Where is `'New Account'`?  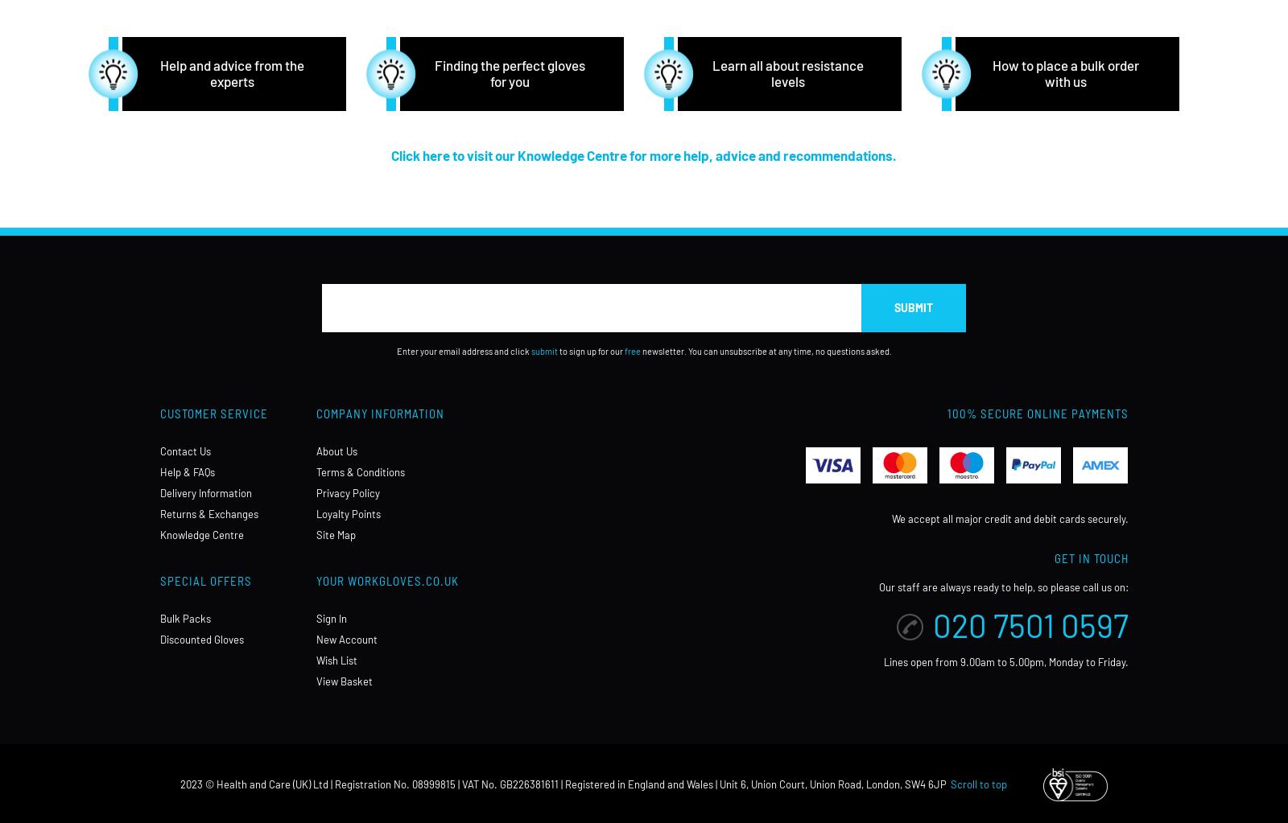
'New Account' is located at coordinates (345, 639).